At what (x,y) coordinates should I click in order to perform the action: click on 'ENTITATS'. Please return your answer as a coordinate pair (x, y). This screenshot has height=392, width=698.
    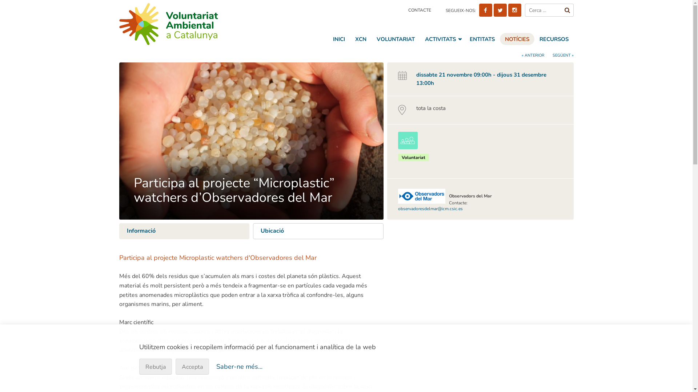
    Looking at the image, I should click on (482, 39).